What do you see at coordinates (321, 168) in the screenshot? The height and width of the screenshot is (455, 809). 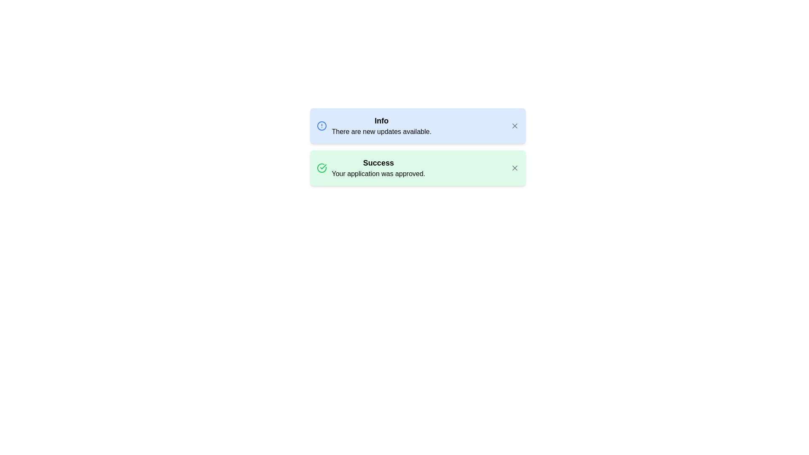 I see `the success icon located in the top-left corner of the notification box, which has a green background and is adjacent to the text 'Success Your application was approved.'` at bounding box center [321, 168].